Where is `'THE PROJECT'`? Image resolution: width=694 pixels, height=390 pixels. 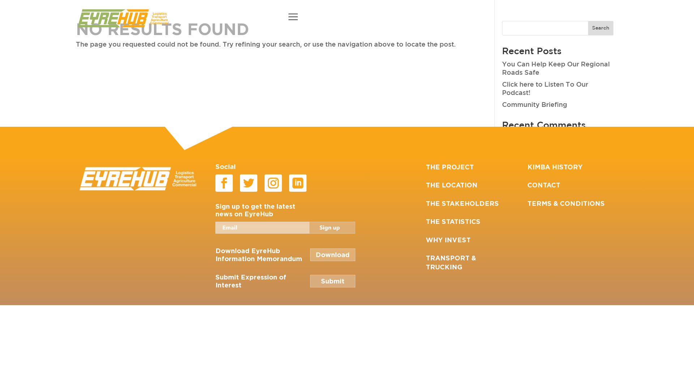
'THE PROJECT' is located at coordinates (449, 167).